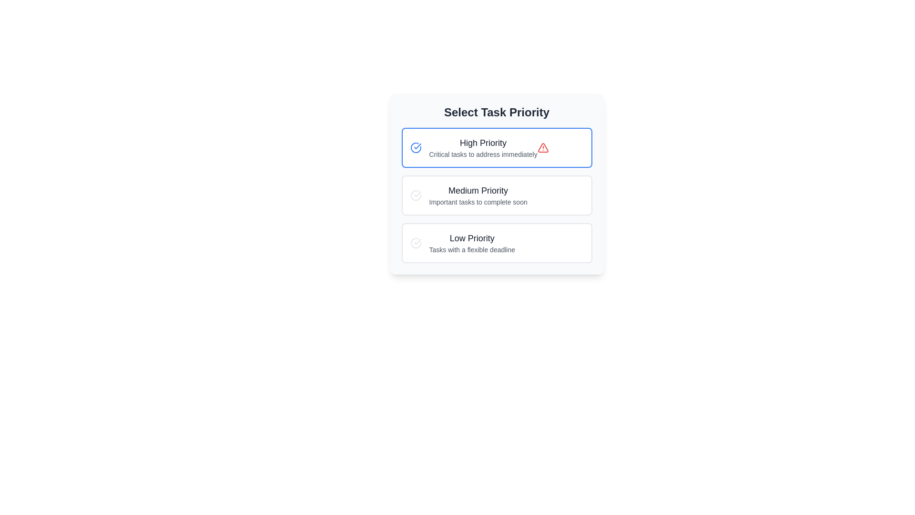 This screenshot has width=915, height=515. I want to click on the warning icon associated with the 'High Priority' task option, located next to the 'High Priority' text, so click(543, 147).